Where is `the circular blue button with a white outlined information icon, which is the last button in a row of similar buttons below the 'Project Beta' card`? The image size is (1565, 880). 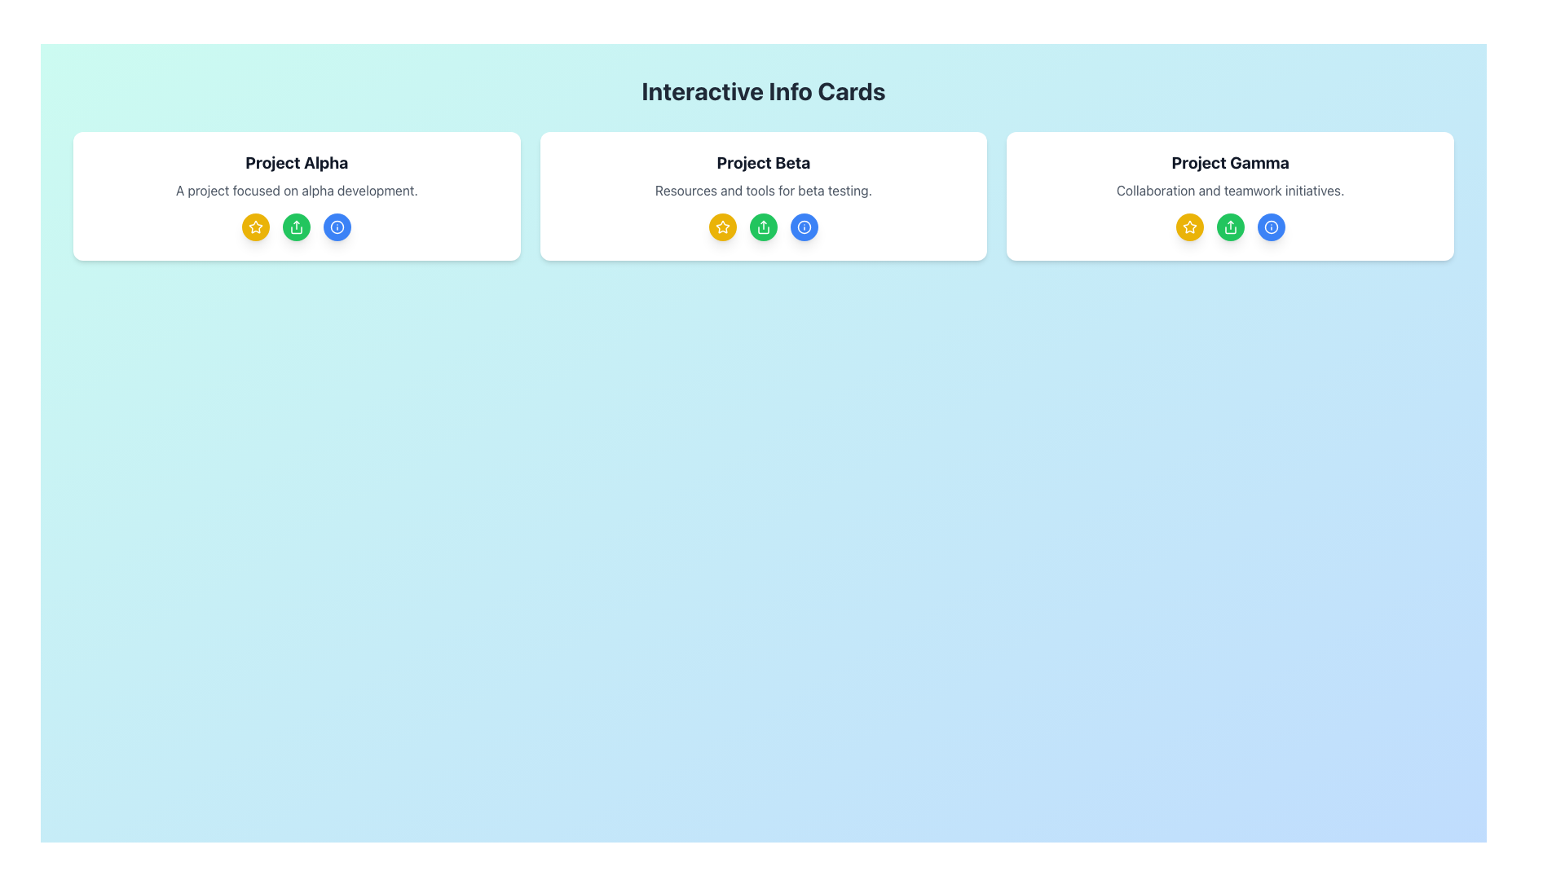 the circular blue button with a white outlined information icon, which is the last button in a row of similar buttons below the 'Project Beta' card is located at coordinates (805, 227).